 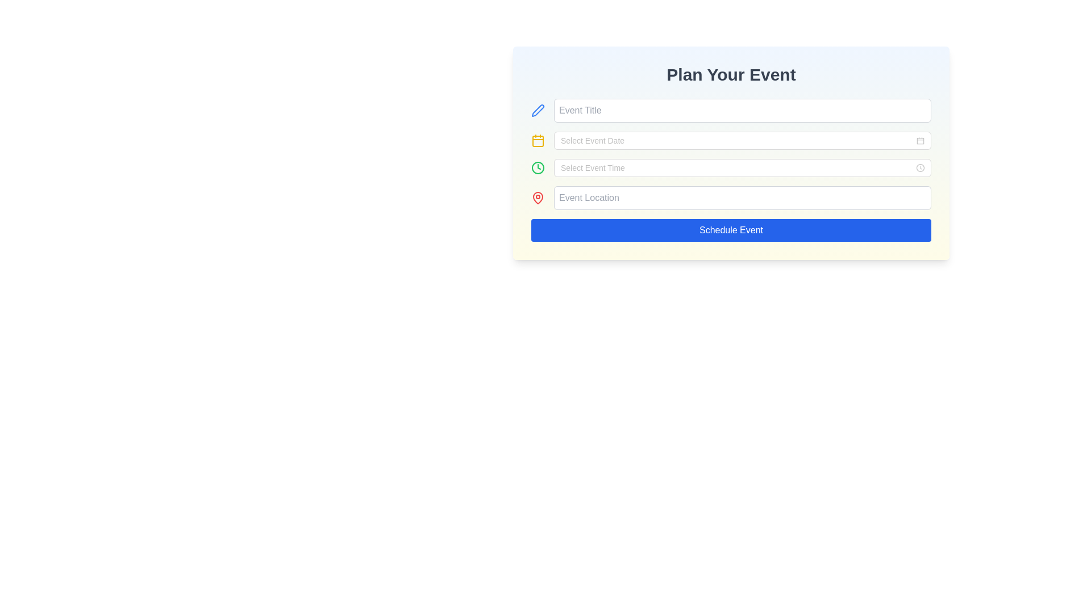 I want to click on the calendar icon located, so click(x=921, y=140).